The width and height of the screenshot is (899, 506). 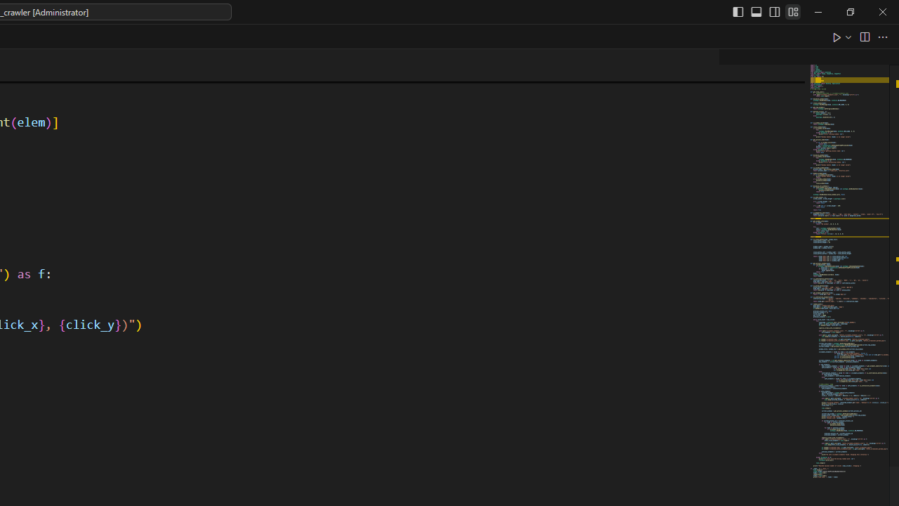 What do you see at coordinates (860, 36) in the screenshot?
I see `'Editor actions'` at bounding box center [860, 36].